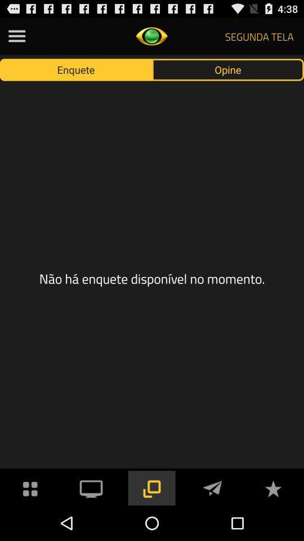  Describe the element at coordinates (91, 487) in the screenshot. I see `cast` at that location.